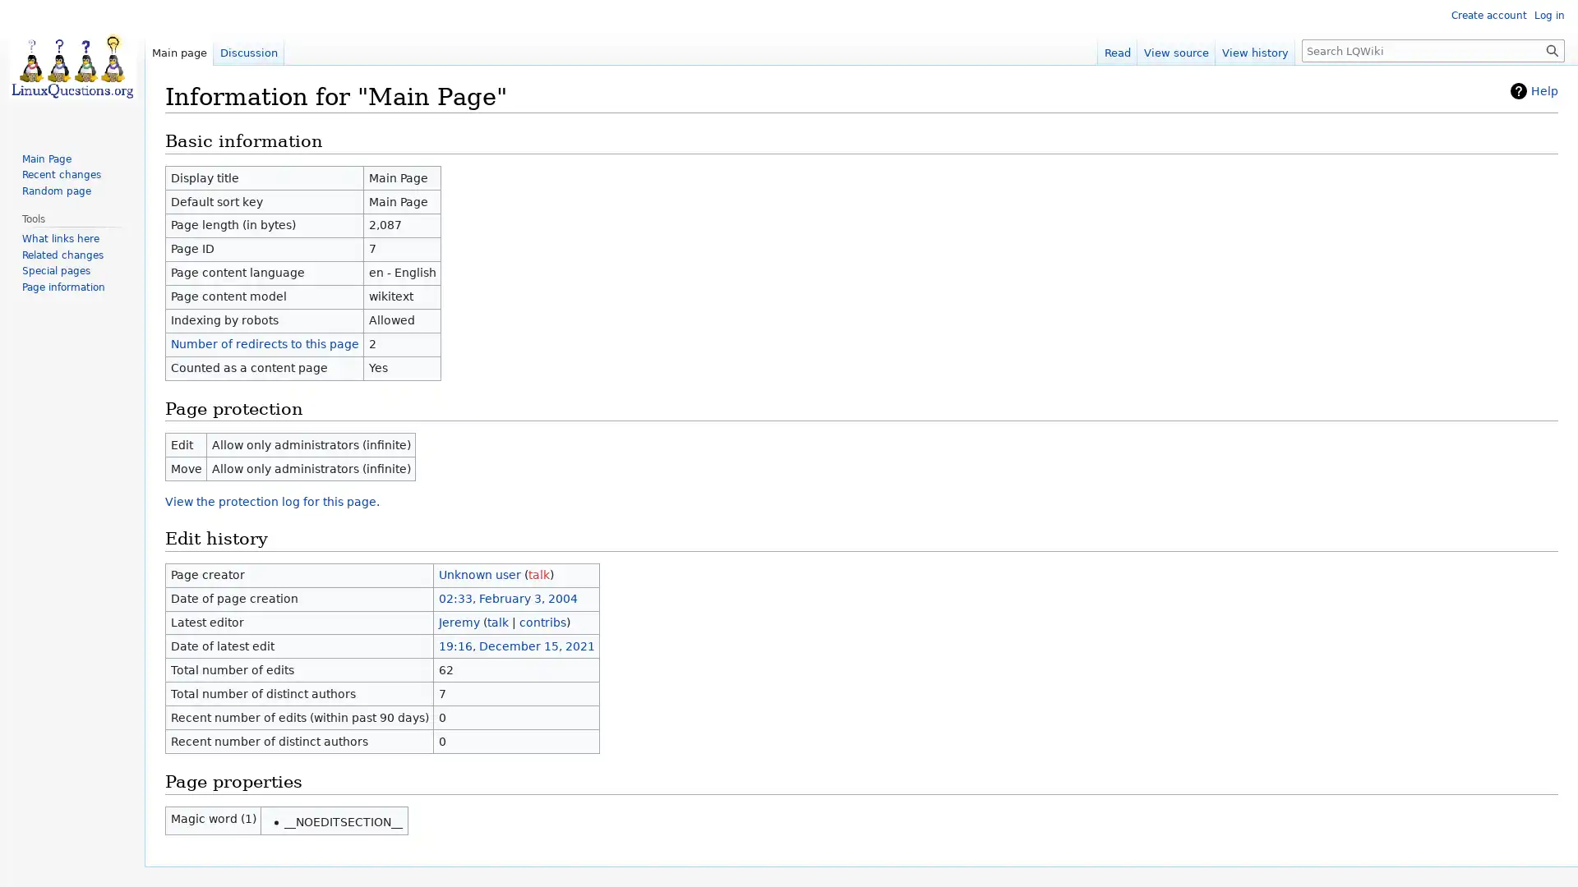 The height and width of the screenshot is (887, 1578). I want to click on Go, so click(1552, 49).